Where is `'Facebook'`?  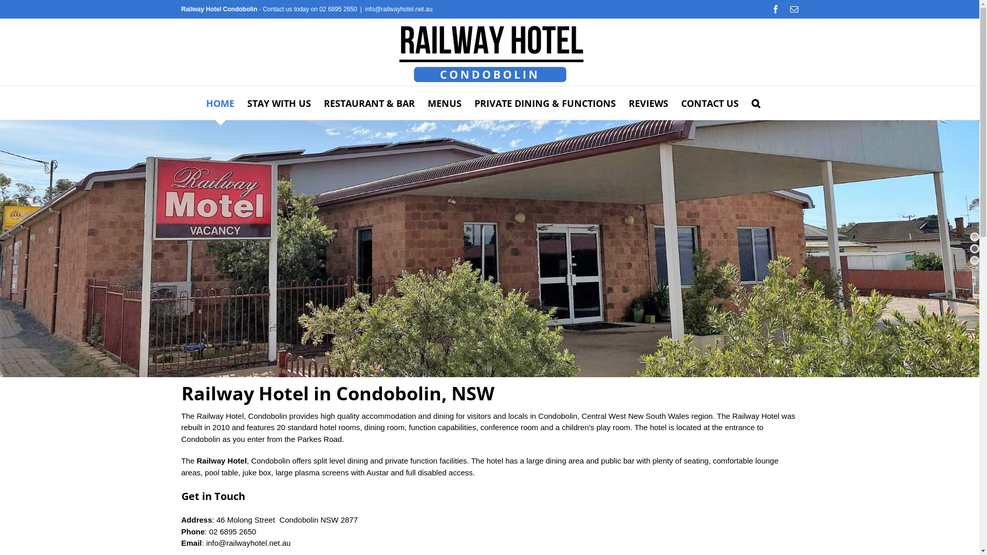
'Facebook' is located at coordinates (771, 9).